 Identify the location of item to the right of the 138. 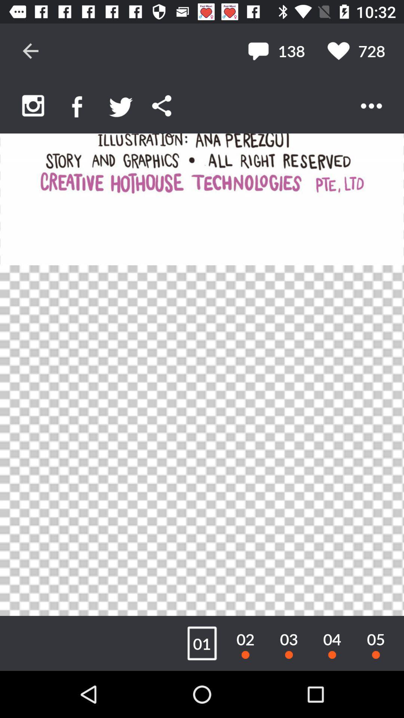
(356, 50).